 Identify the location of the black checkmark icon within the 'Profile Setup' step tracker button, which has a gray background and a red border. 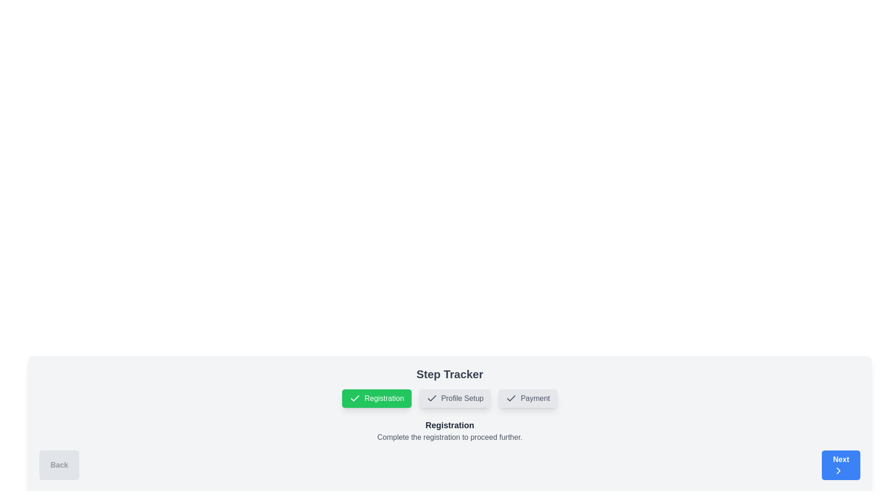
(431, 398).